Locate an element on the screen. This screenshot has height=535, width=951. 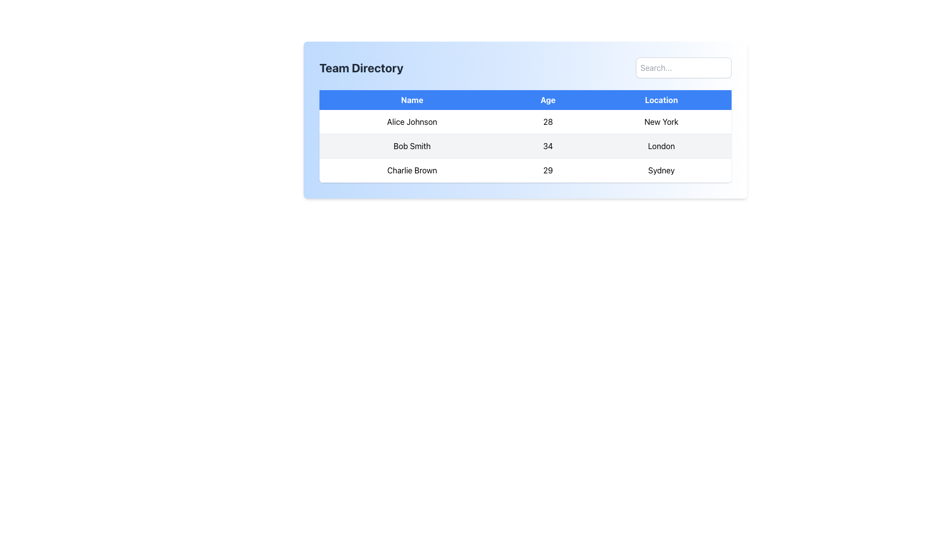
on the text display element representing a person's name located in the second row and first column of the 'Team Directory' table, positioned below 'Alice Johnson' and above 'Charlie Brown' is located at coordinates (412, 146).